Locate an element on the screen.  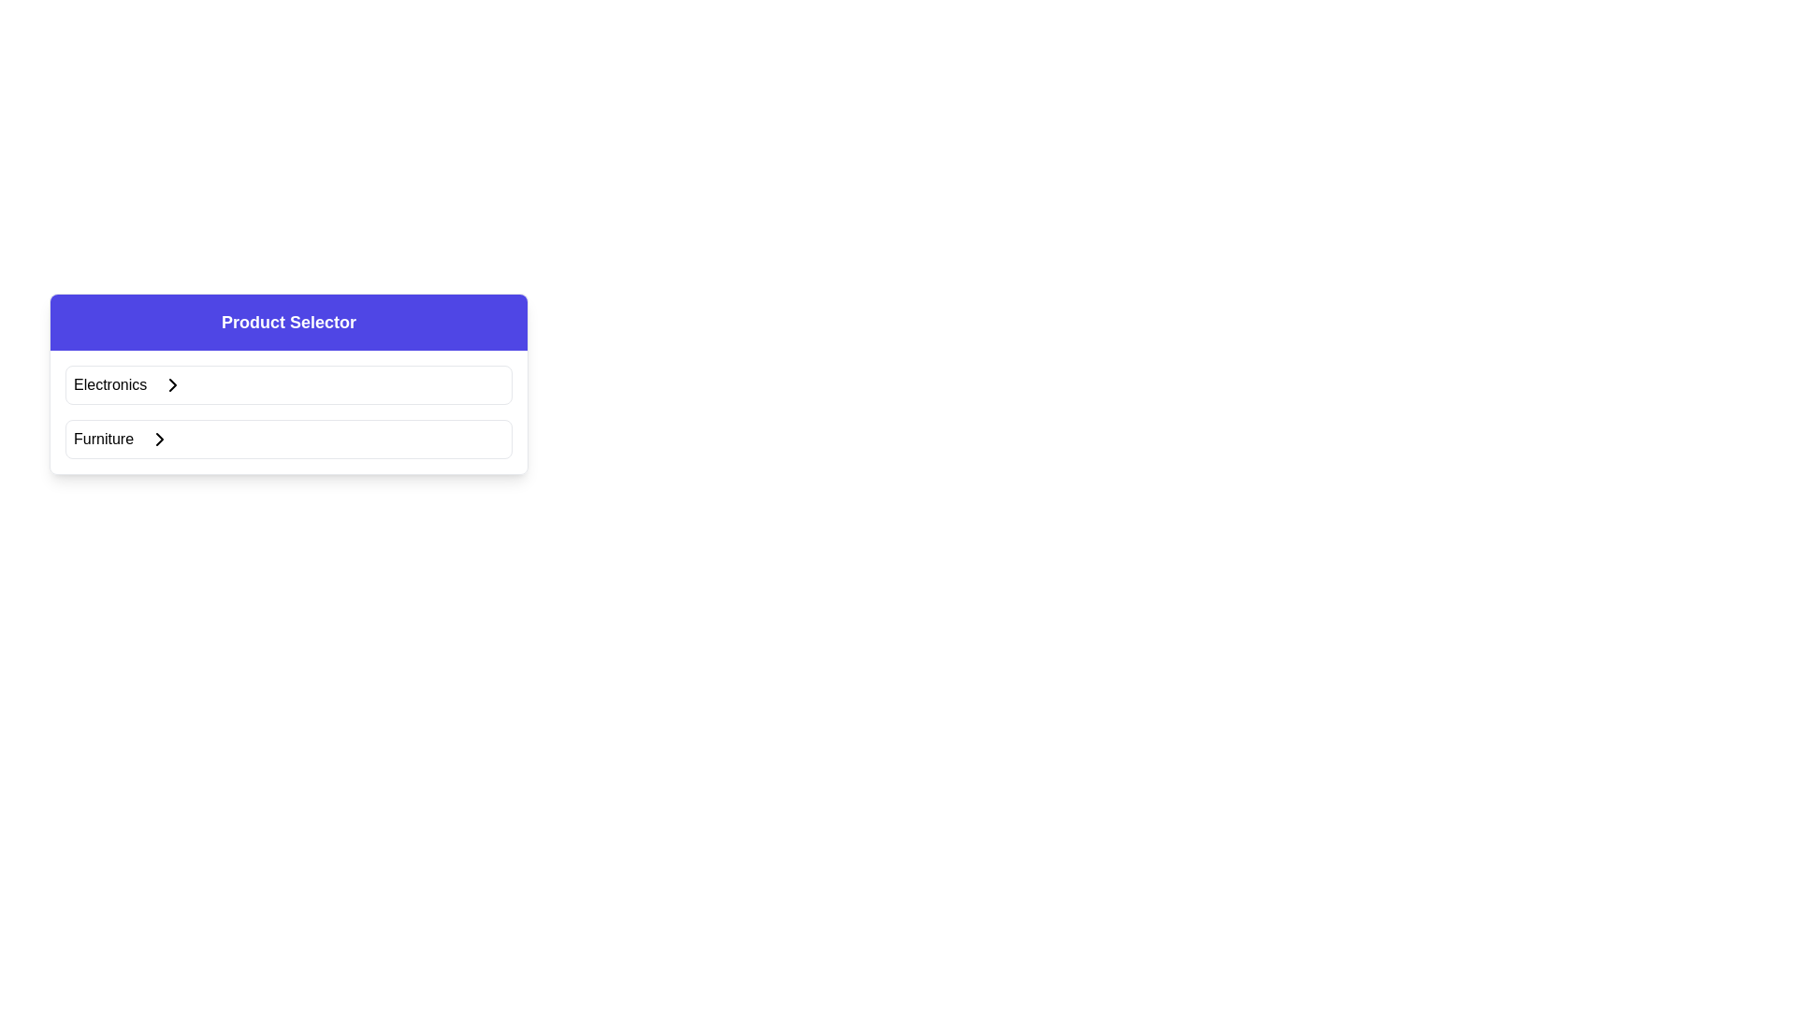
the 'Furniture' category label located within the second selectable item beneath the 'Product Selector' header, positioned to the left of the rightward arrow icon is located at coordinates (102, 440).